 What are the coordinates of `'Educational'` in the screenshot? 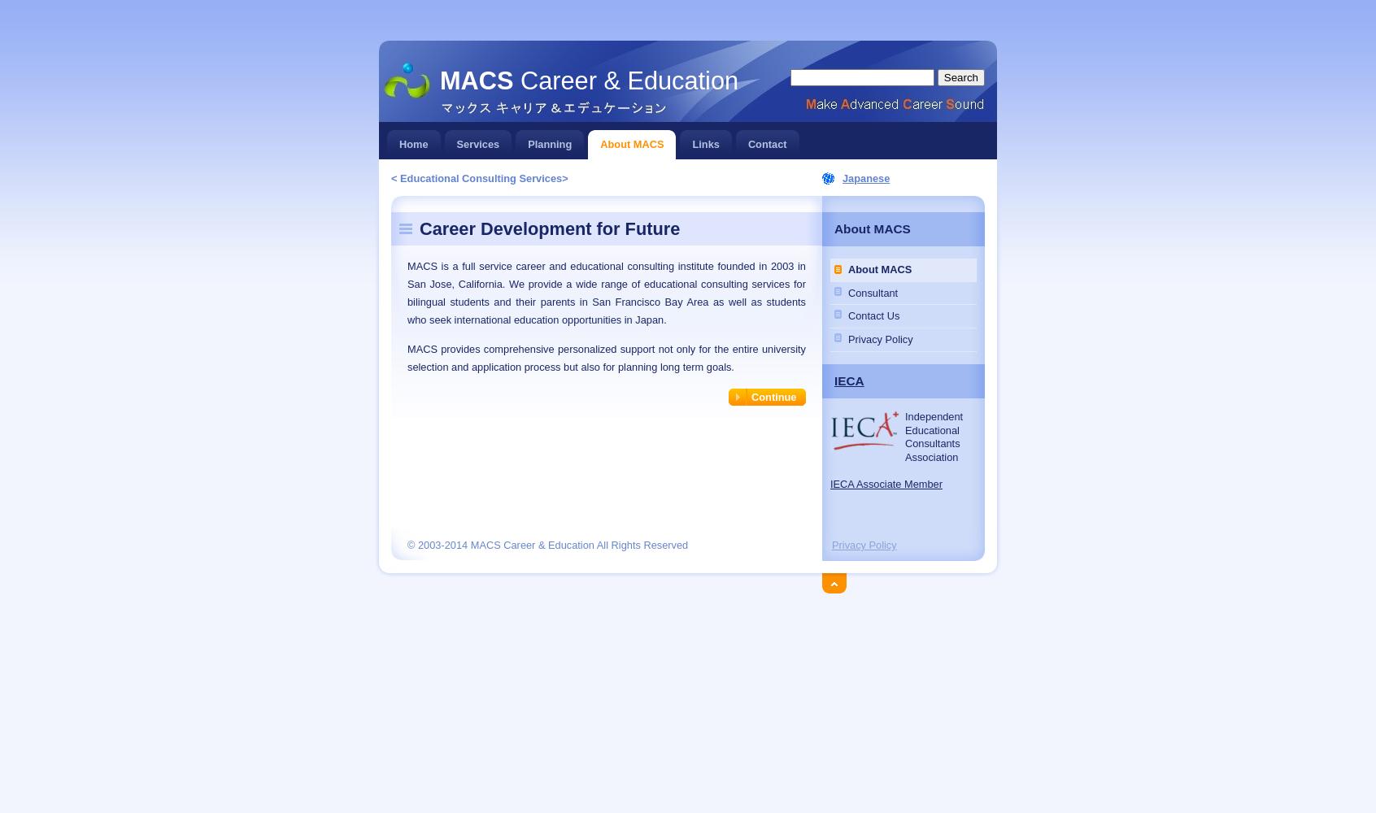 It's located at (904, 429).